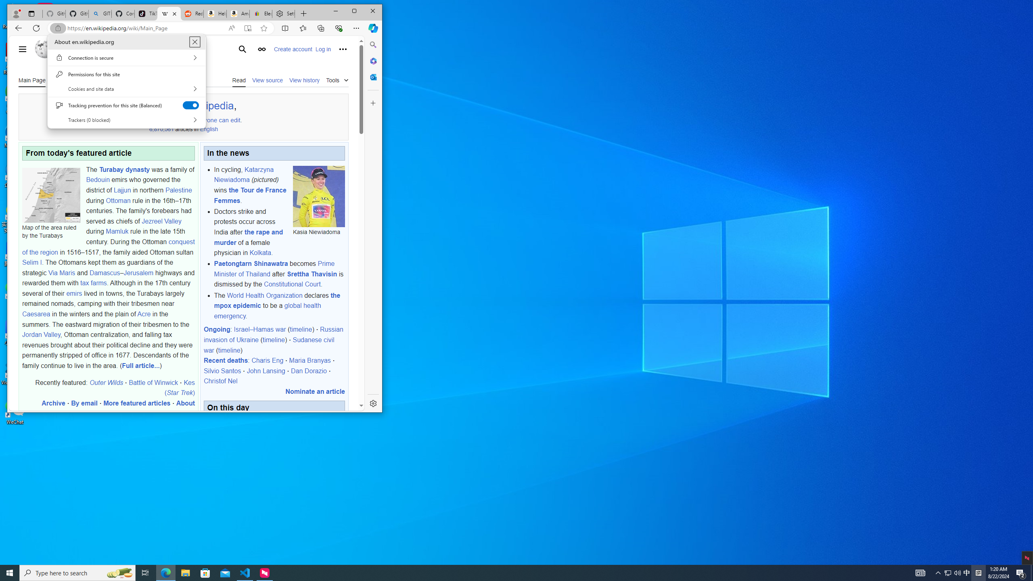  What do you see at coordinates (108, 247) in the screenshot?
I see `'conquest of the region'` at bounding box center [108, 247].